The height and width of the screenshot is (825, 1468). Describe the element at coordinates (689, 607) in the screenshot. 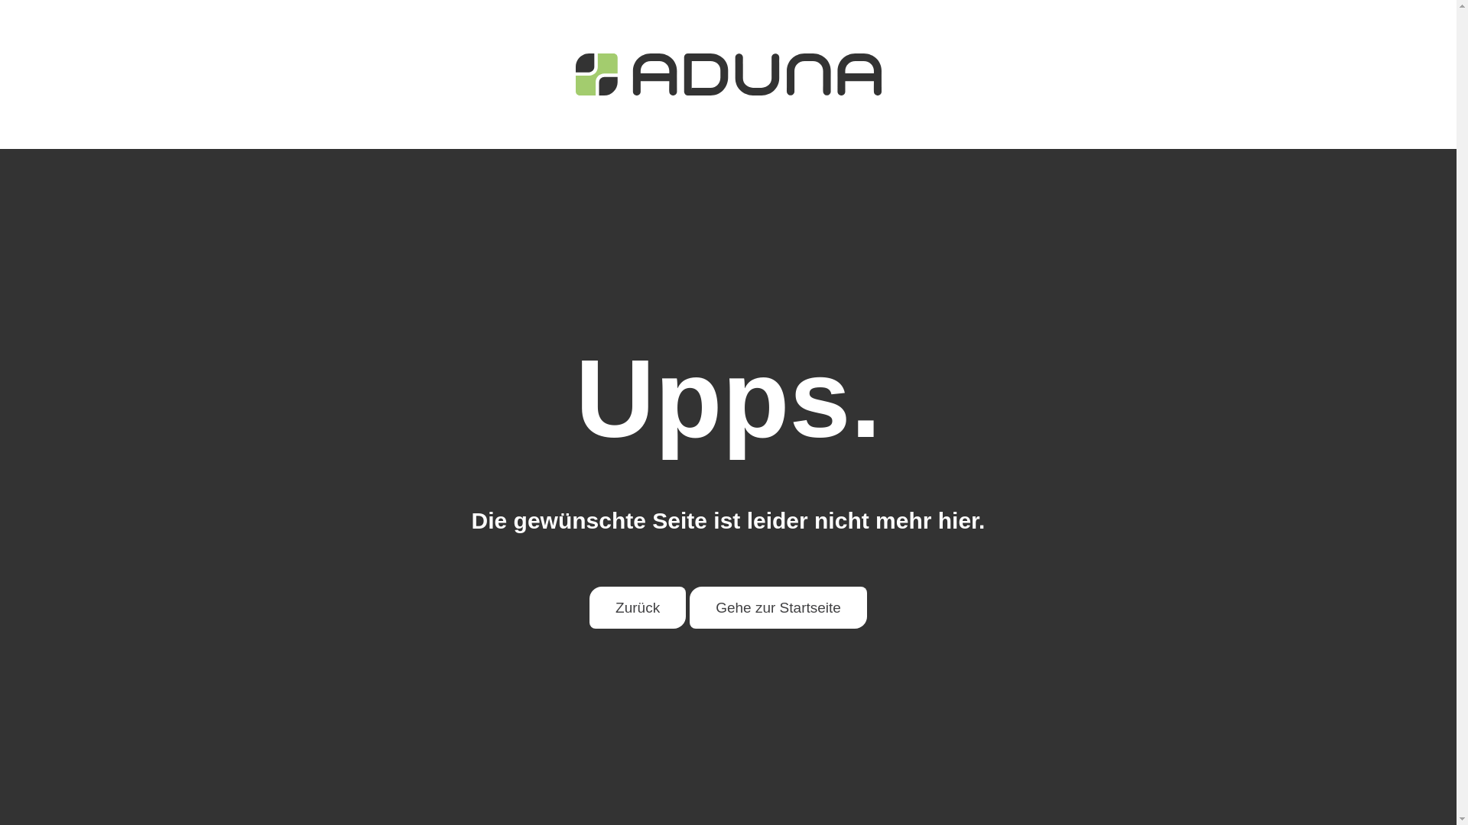

I see `'Gehe zur Startseite'` at that location.